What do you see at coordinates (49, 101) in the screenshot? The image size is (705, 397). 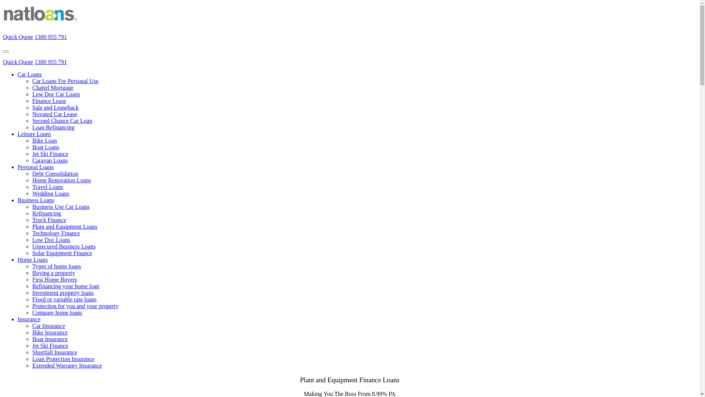 I see `'Finance Lease'` at bounding box center [49, 101].